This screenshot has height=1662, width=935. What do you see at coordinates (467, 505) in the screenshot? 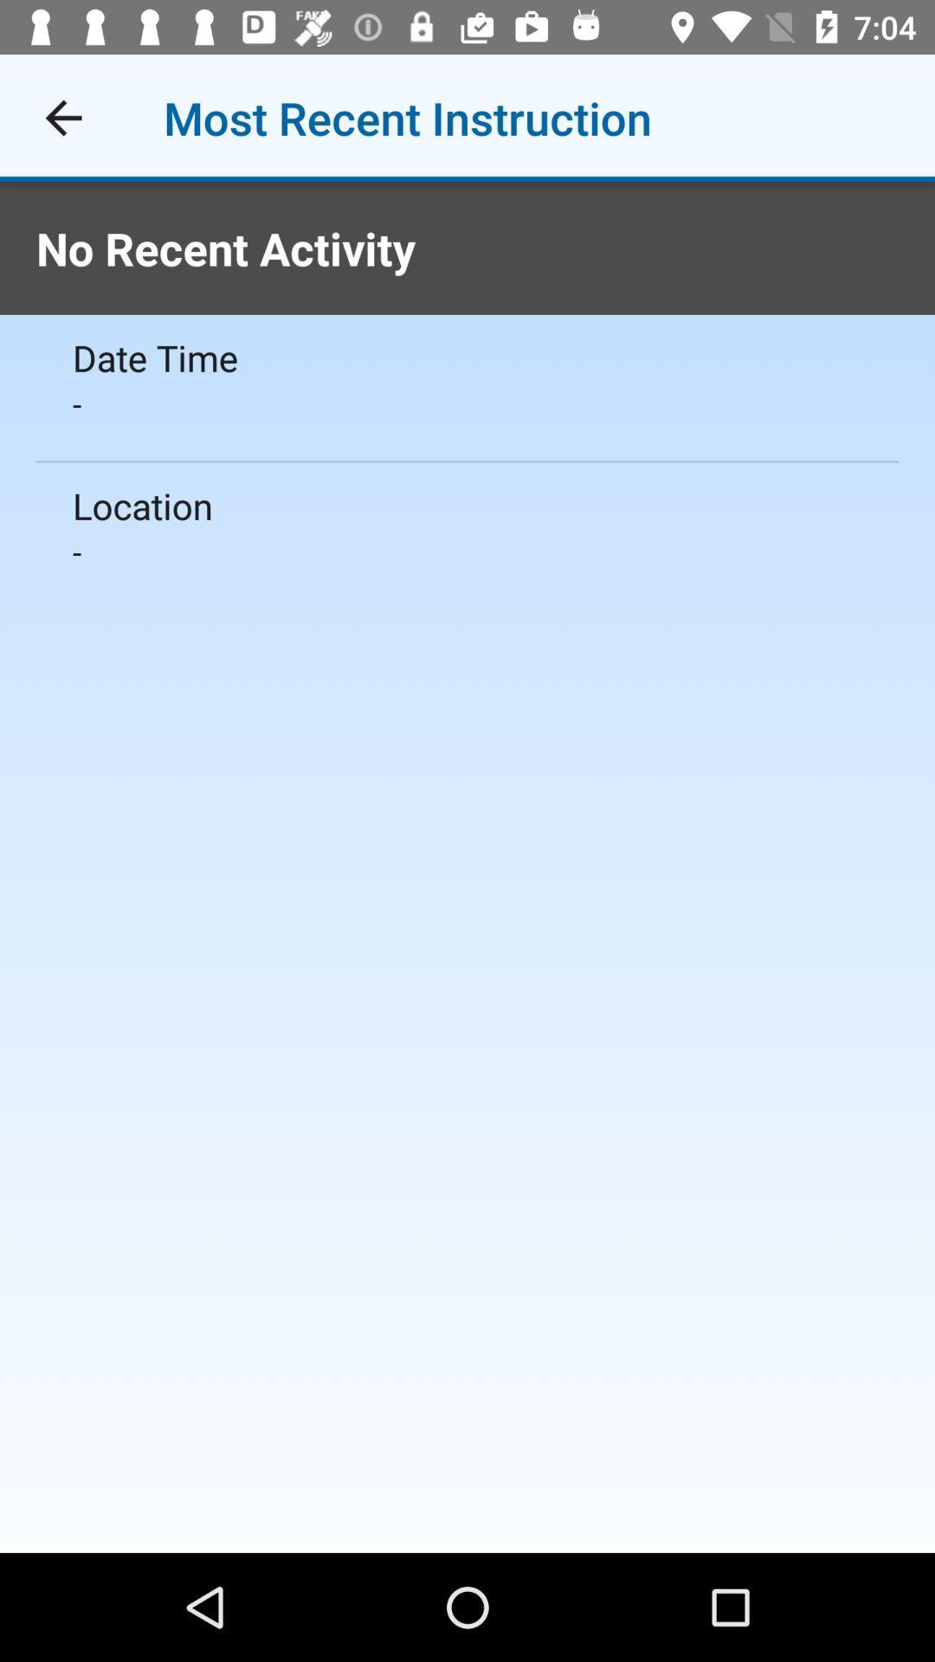
I see `the icon below the -` at bounding box center [467, 505].